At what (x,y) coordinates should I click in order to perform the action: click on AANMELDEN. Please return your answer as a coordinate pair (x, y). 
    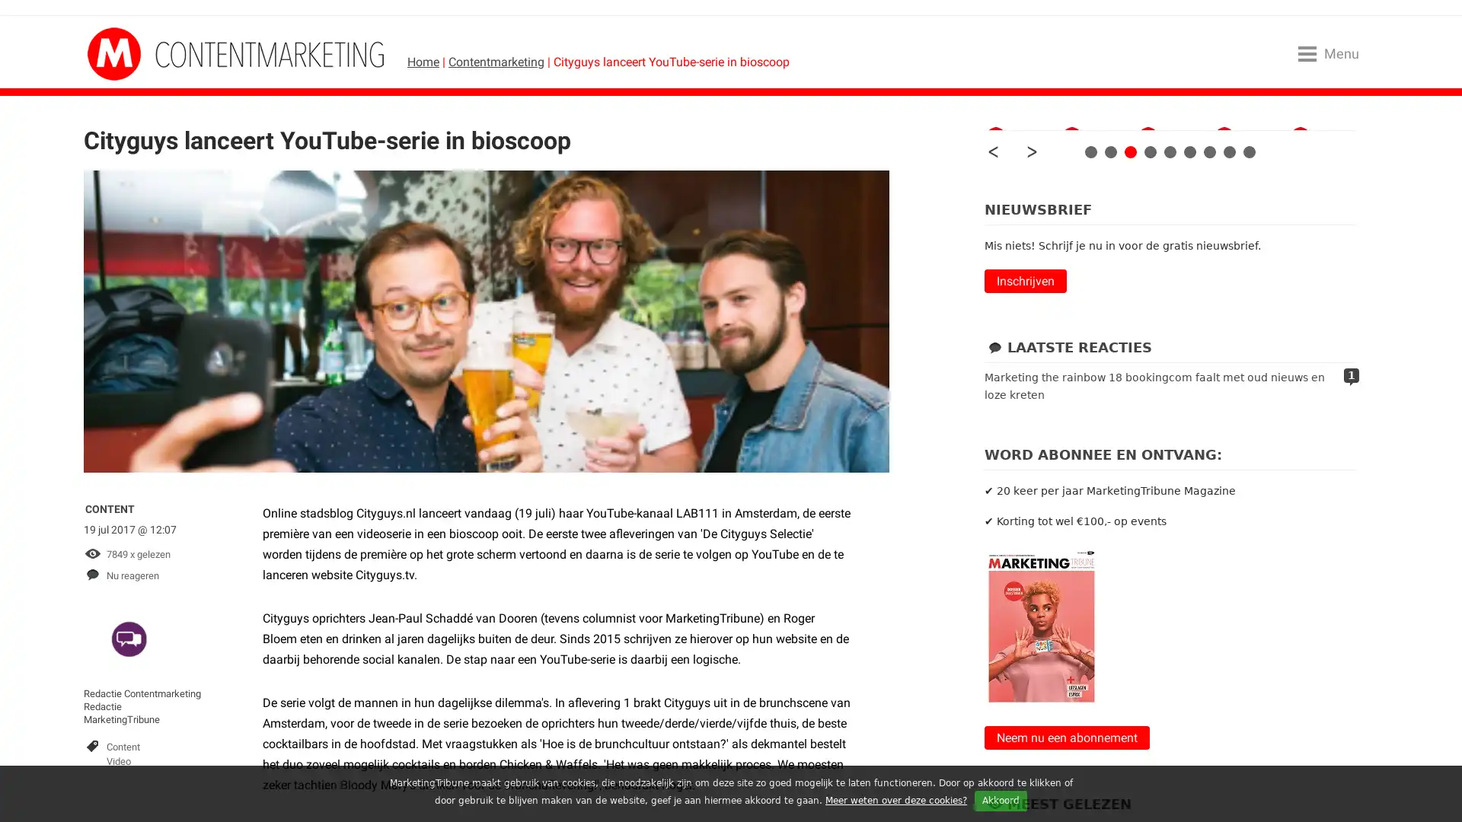
    Looking at the image, I should click on (1332, 775).